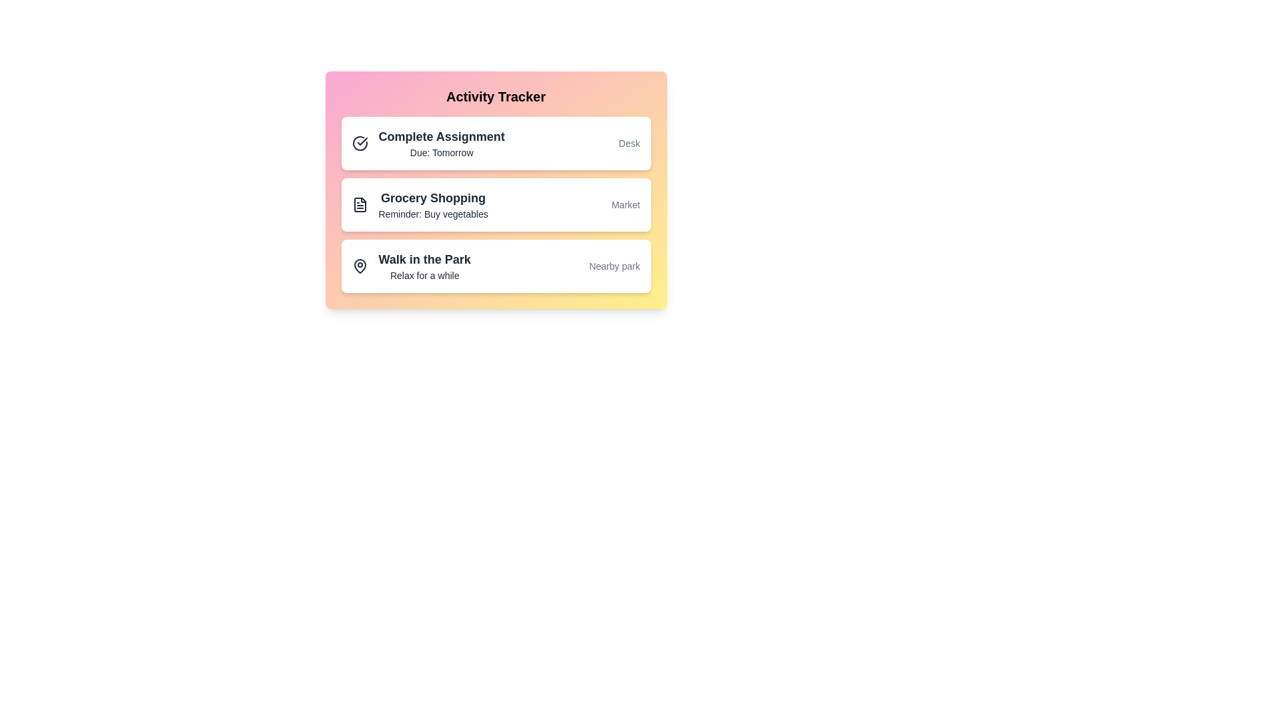 The height and width of the screenshot is (721, 1281). Describe the element at coordinates (442, 136) in the screenshot. I see `the title of the activity item Complete Assignment` at that location.